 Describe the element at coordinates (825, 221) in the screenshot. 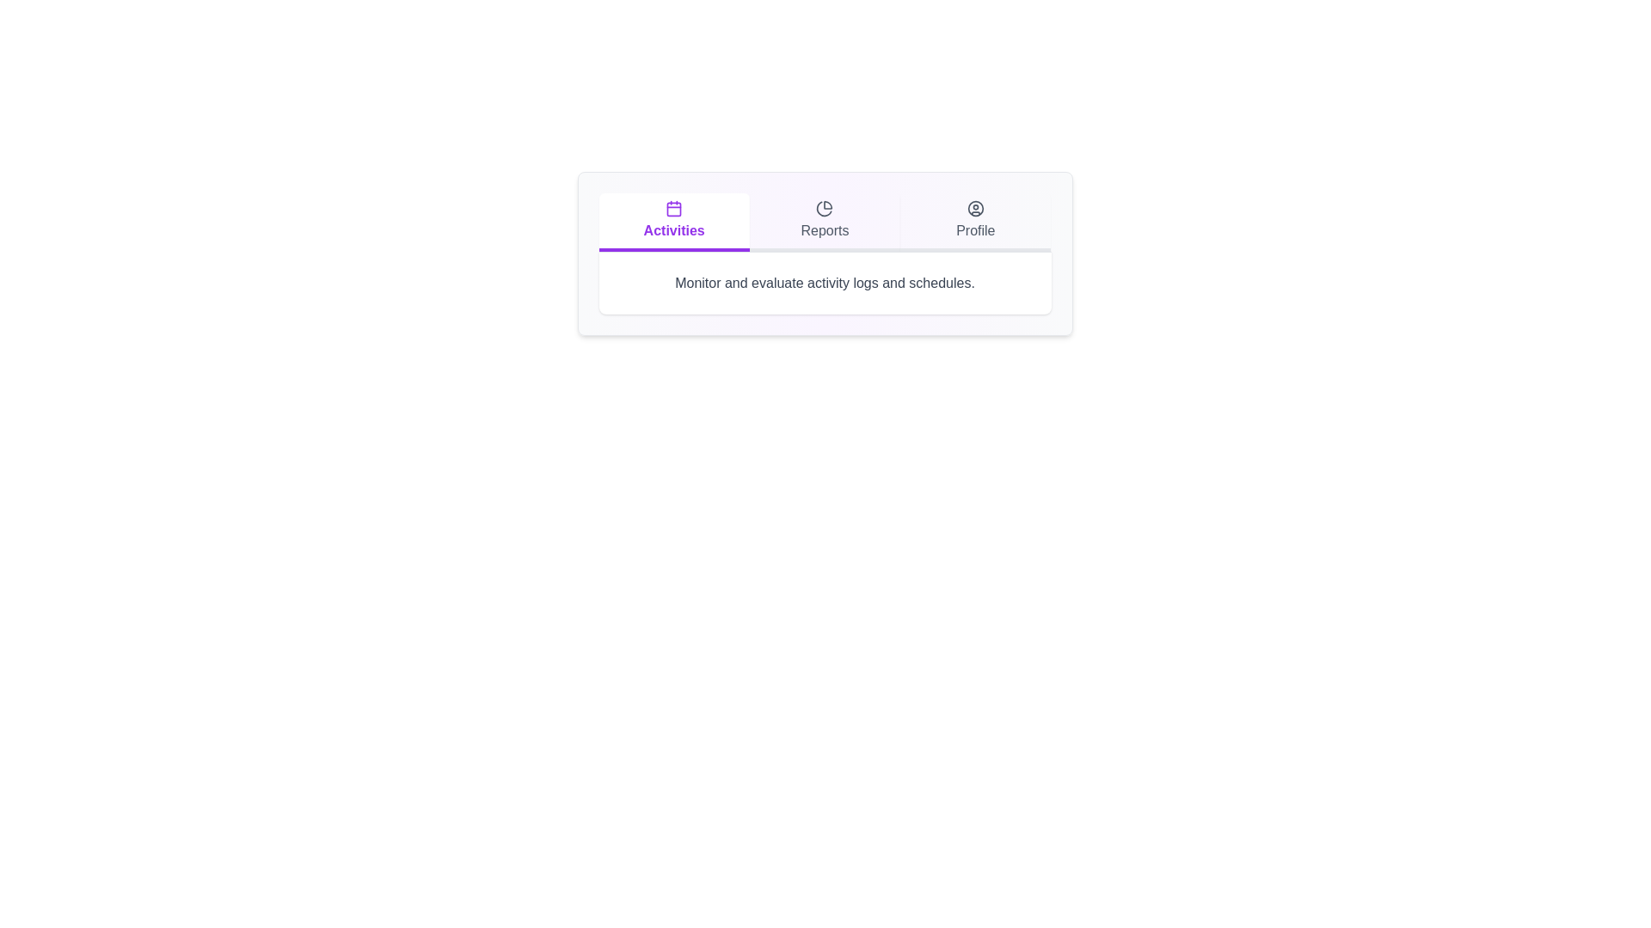

I see `the Reports tab` at that location.